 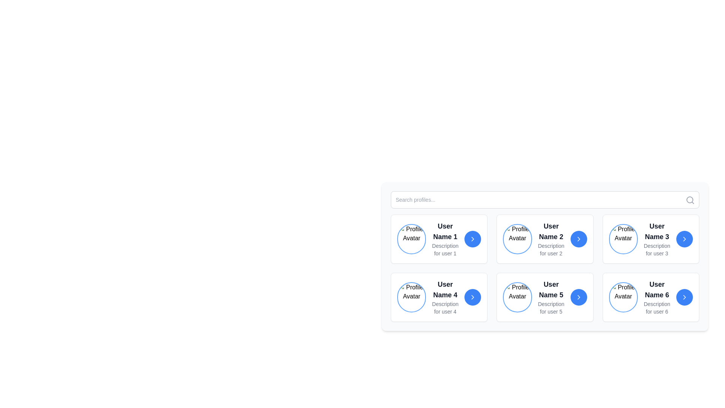 I want to click on the circular button with a blue background and a white right-chevron icon, located in the lower-right section of the 'User Name 5' card, to observe its visual response, so click(x=578, y=297).